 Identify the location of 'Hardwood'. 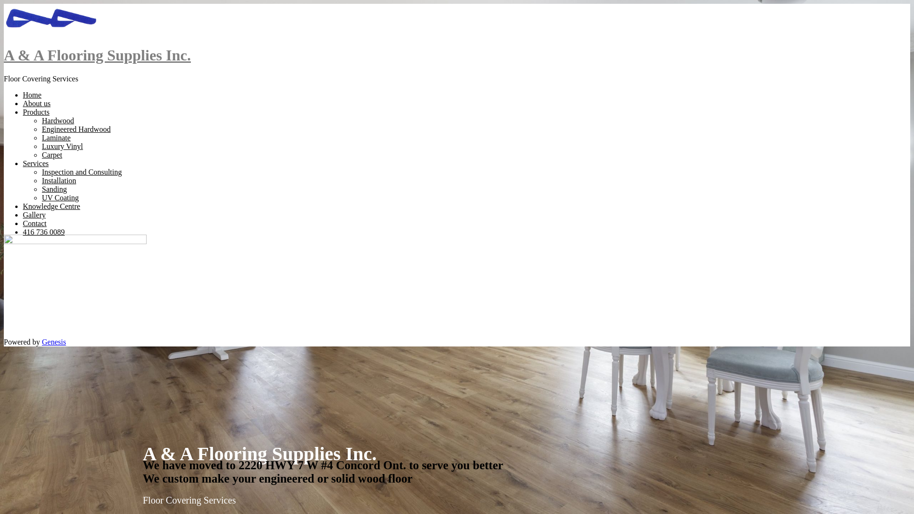
(41, 120).